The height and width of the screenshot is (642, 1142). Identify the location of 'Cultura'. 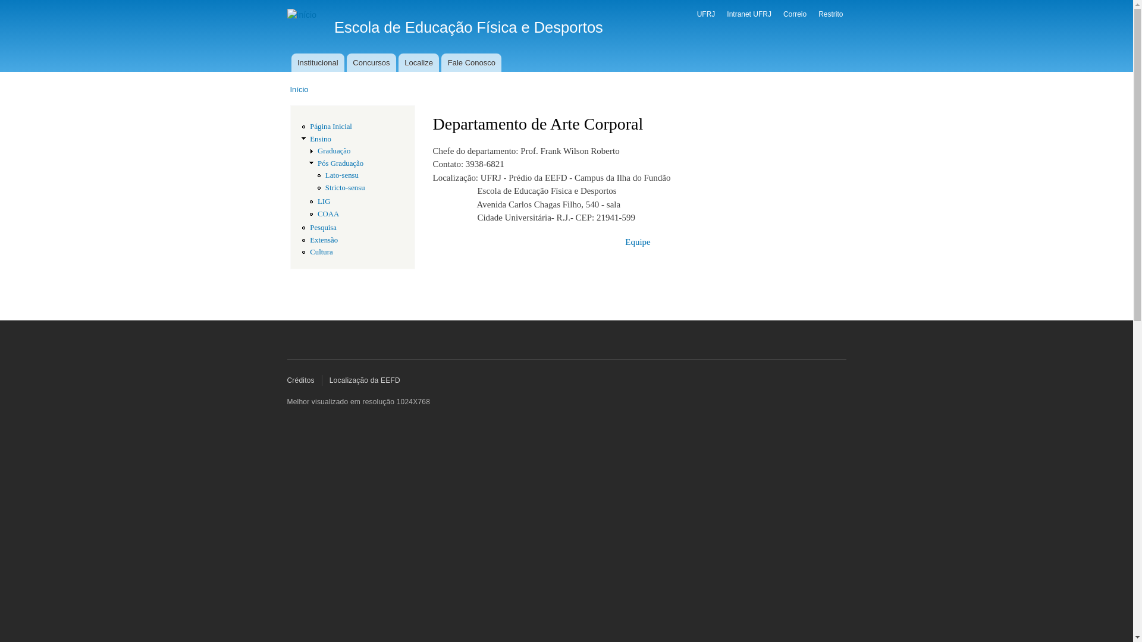
(310, 251).